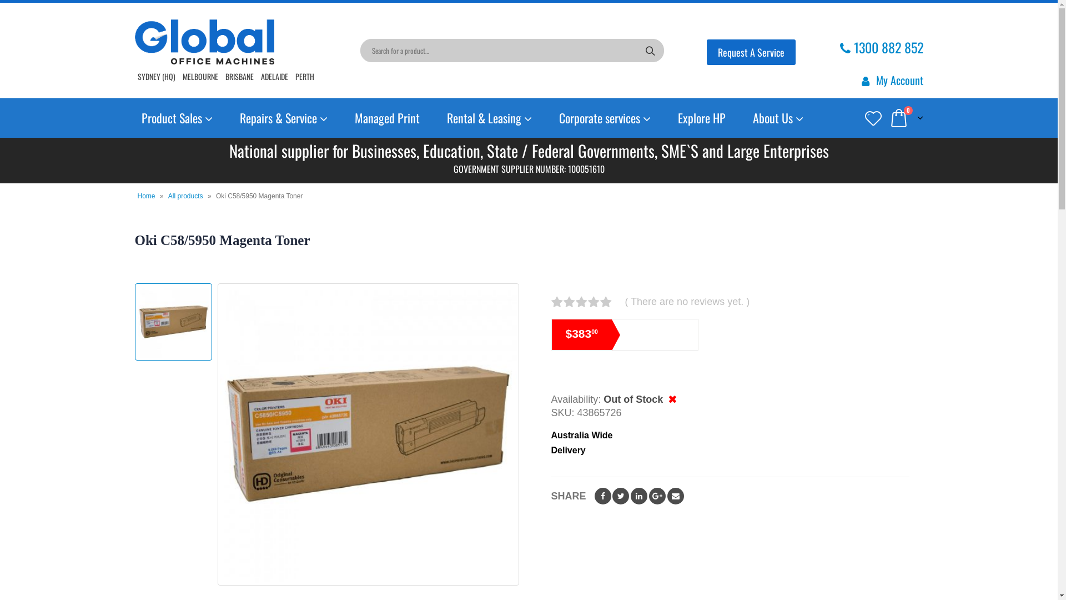 The height and width of the screenshot is (600, 1066). I want to click on 'Repairs & Service', so click(283, 118).